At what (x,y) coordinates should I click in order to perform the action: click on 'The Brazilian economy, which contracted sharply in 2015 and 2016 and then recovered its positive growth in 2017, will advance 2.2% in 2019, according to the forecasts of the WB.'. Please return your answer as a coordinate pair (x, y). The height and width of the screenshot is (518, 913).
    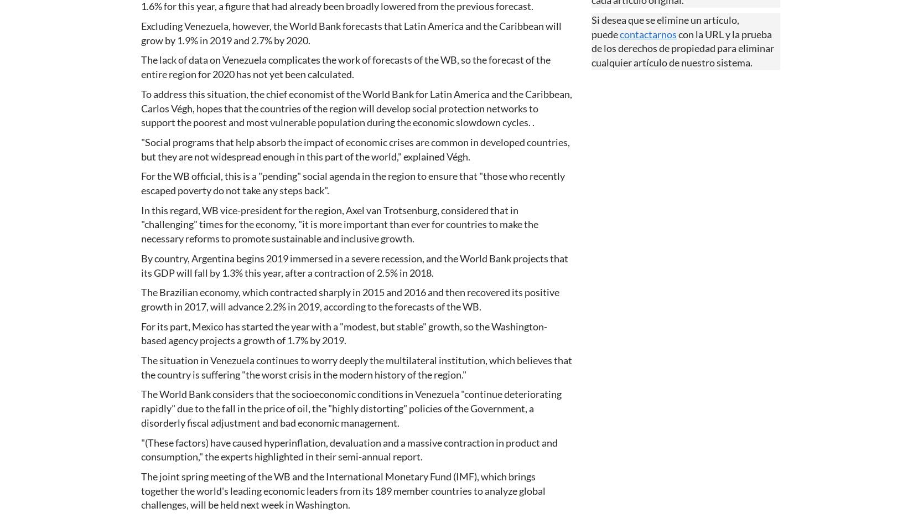
    Looking at the image, I should click on (349, 299).